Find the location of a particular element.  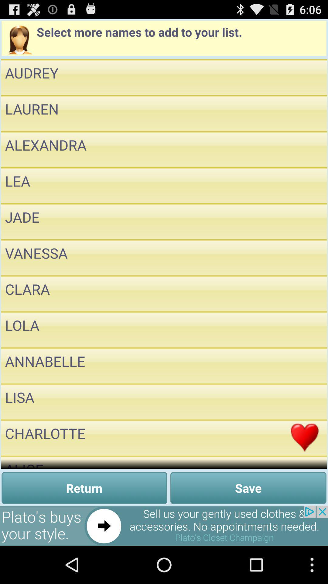

to add favorite is located at coordinates (305, 437).